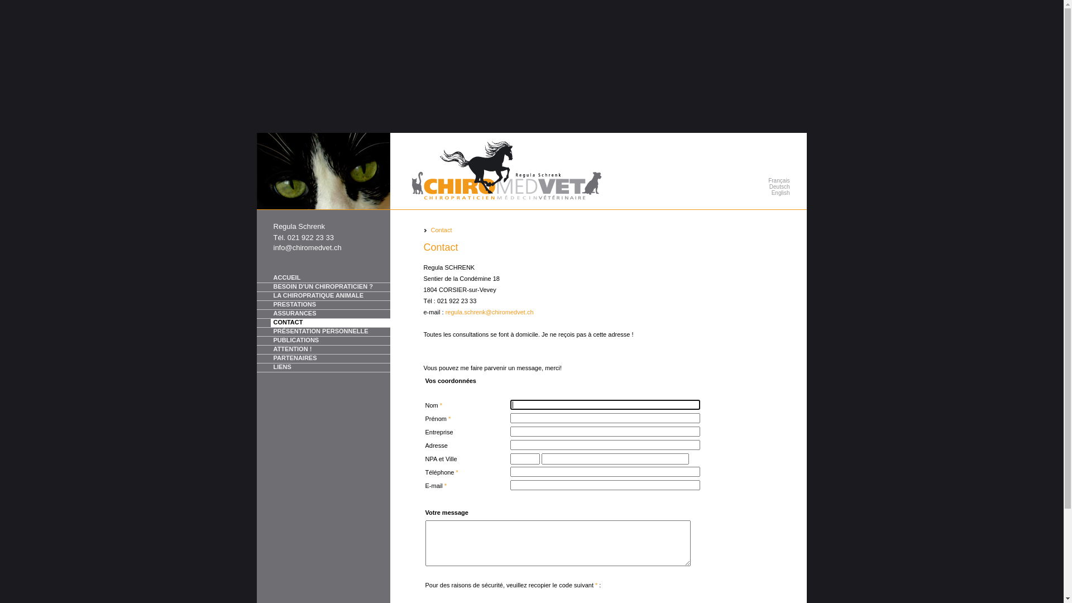  What do you see at coordinates (329, 358) in the screenshot?
I see `'PARTENAIRES'` at bounding box center [329, 358].